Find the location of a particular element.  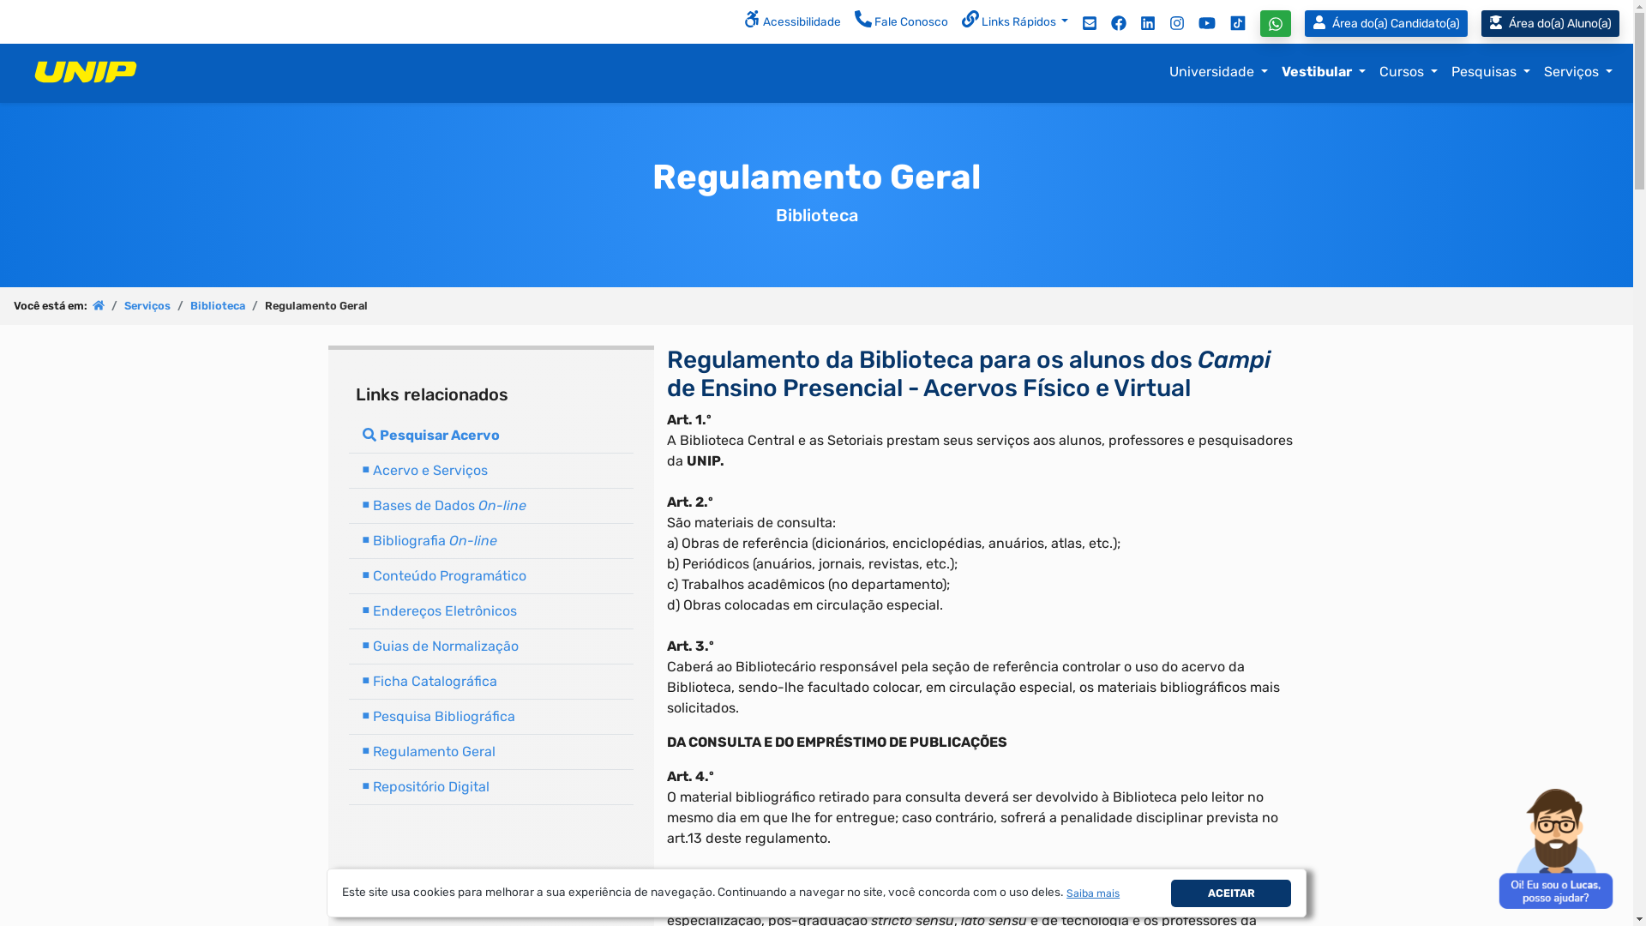

'Biblioteca' is located at coordinates (189, 304).